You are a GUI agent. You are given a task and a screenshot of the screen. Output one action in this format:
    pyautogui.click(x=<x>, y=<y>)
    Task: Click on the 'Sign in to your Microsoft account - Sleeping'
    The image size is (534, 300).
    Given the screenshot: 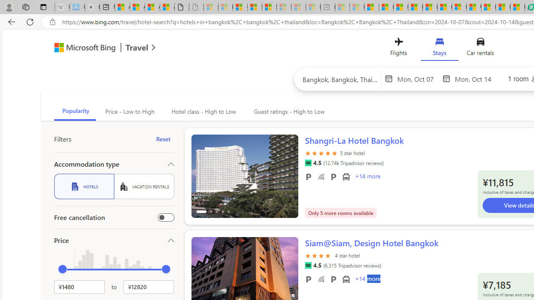 What is the action you would take?
    pyautogui.click(x=211, y=7)
    